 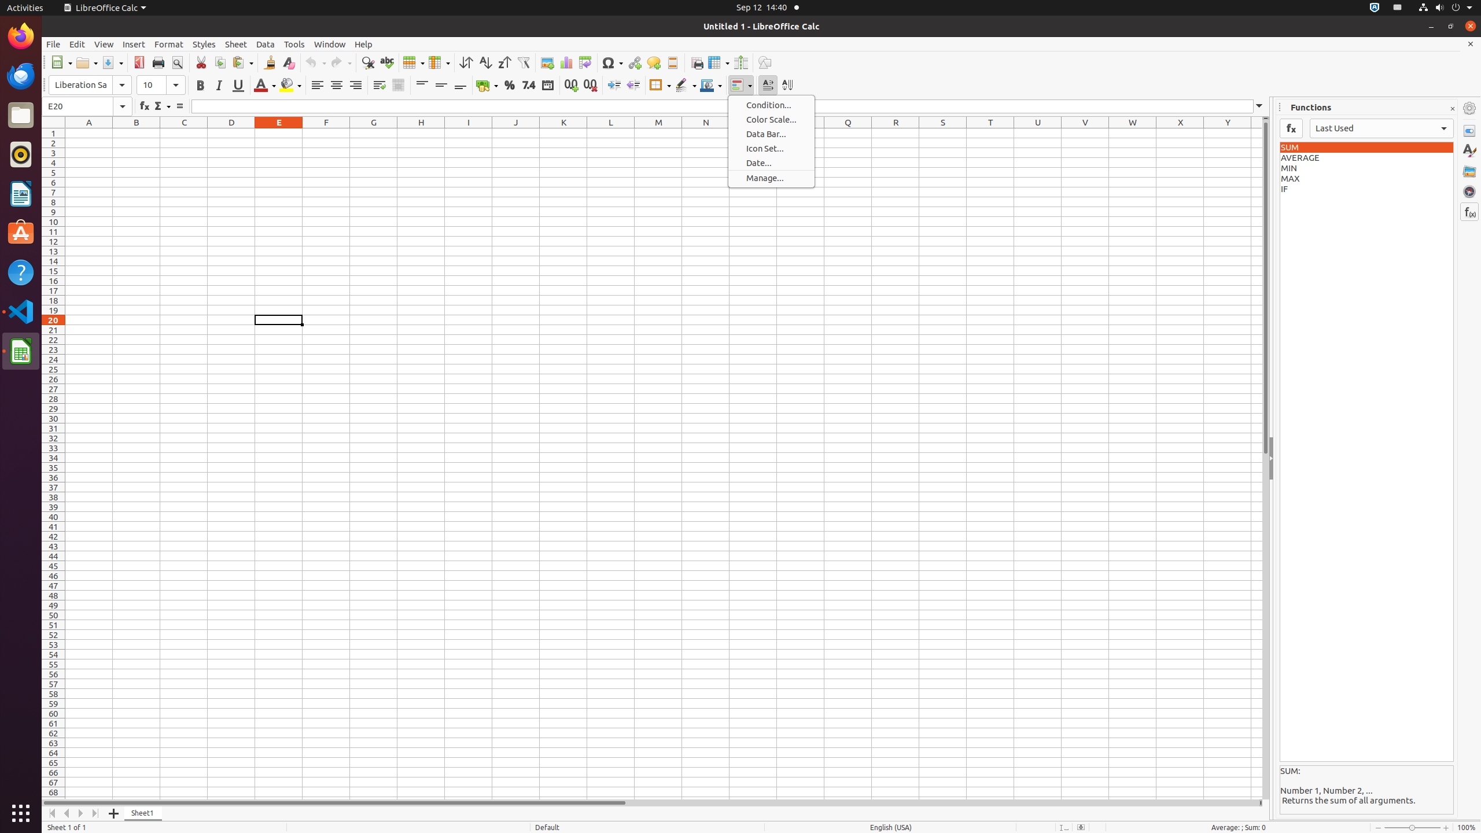 What do you see at coordinates (21, 813) in the screenshot?
I see `'Show Applications'` at bounding box center [21, 813].